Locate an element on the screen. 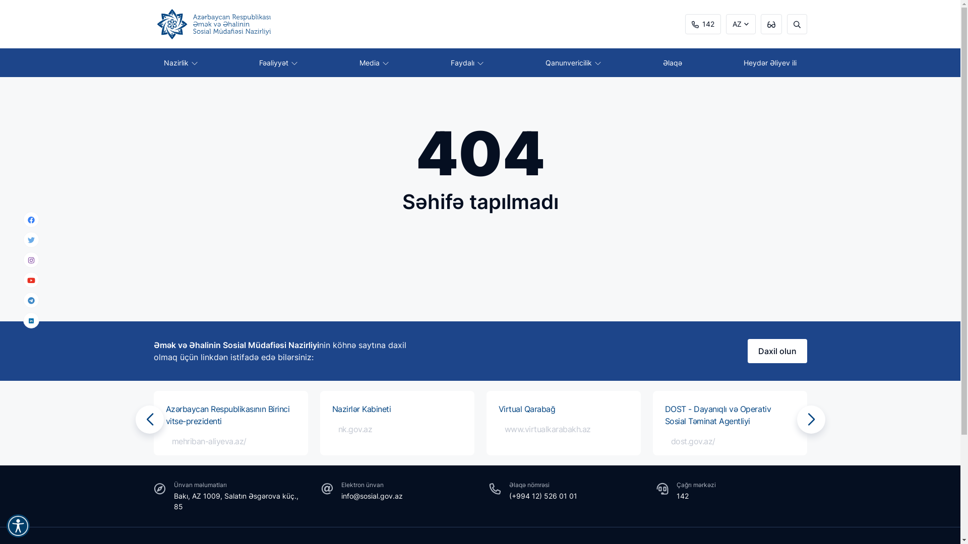  'info@sosial.gov.az' is located at coordinates (372, 495).